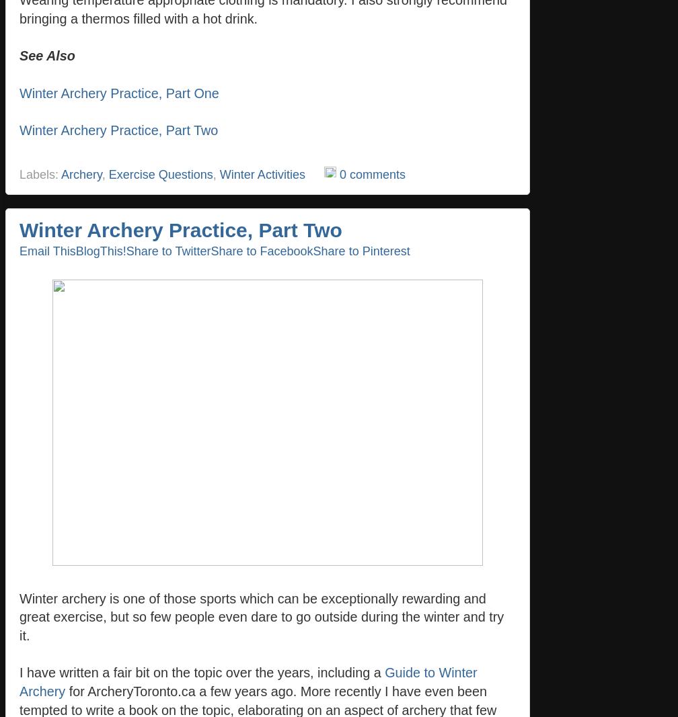  Describe the element at coordinates (219, 173) in the screenshot. I see `'Winter Activities'` at that location.